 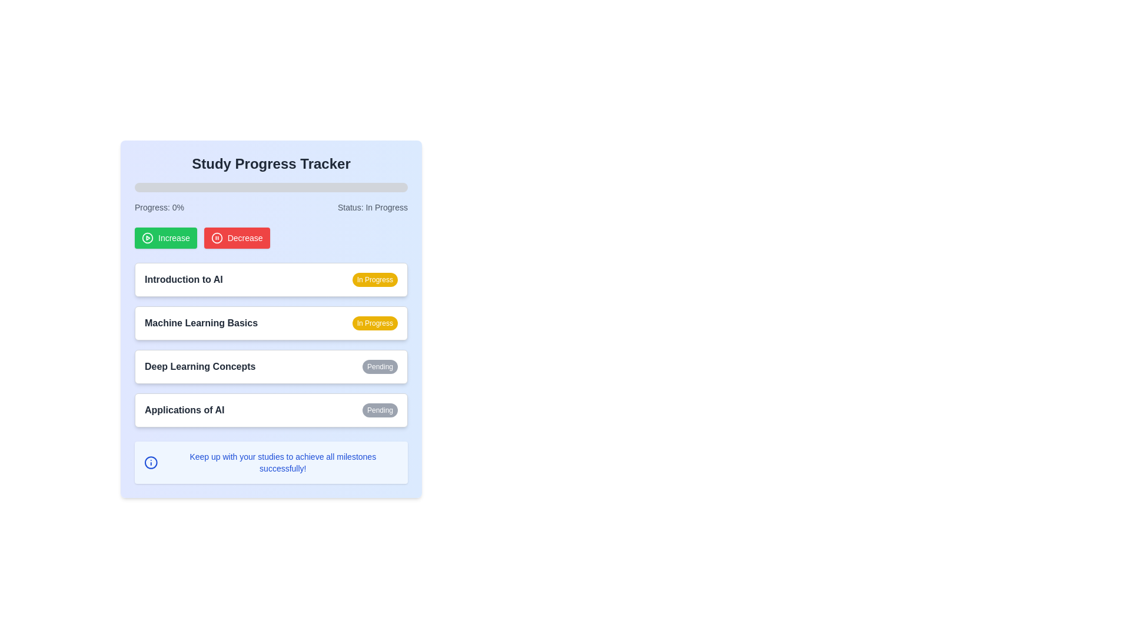 What do you see at coordinates (217, 238) in the screenshot?
I see `the circular pause icon on the red background, which is part of the 'Decrease' button labeled with white text` at bounding box center [217, 238].